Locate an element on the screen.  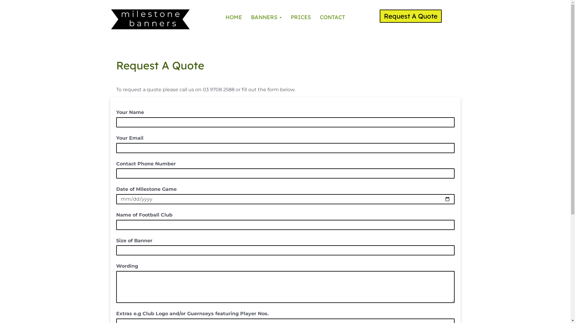
'BANNERS' is located at coordinates (266, 17).